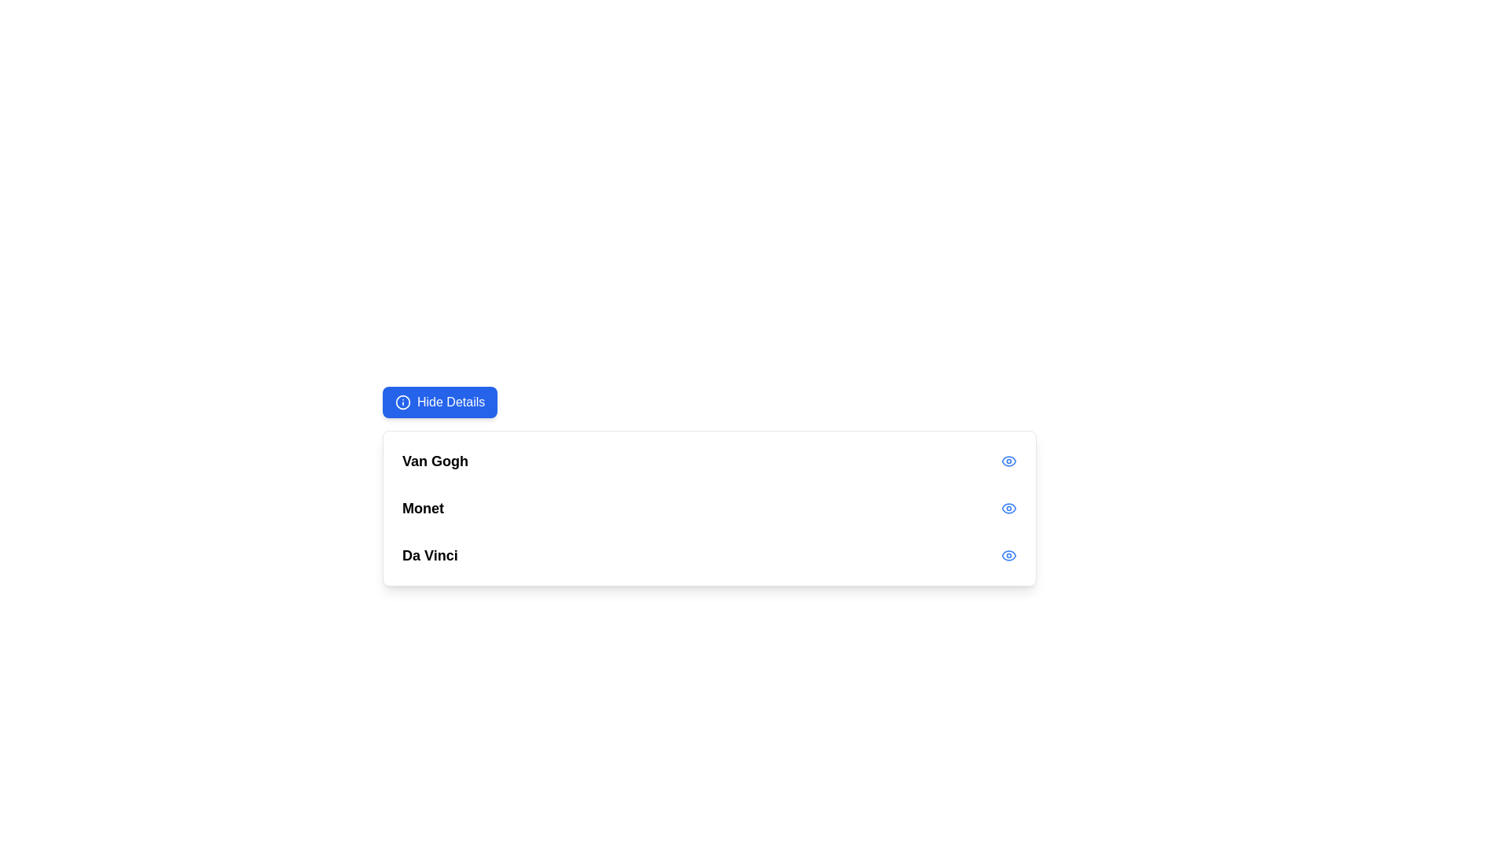  Describe the element at coordinates (1008, 460) in the screenshot. I see `the hollow eye-shaped icon with a blue outline` at that location.